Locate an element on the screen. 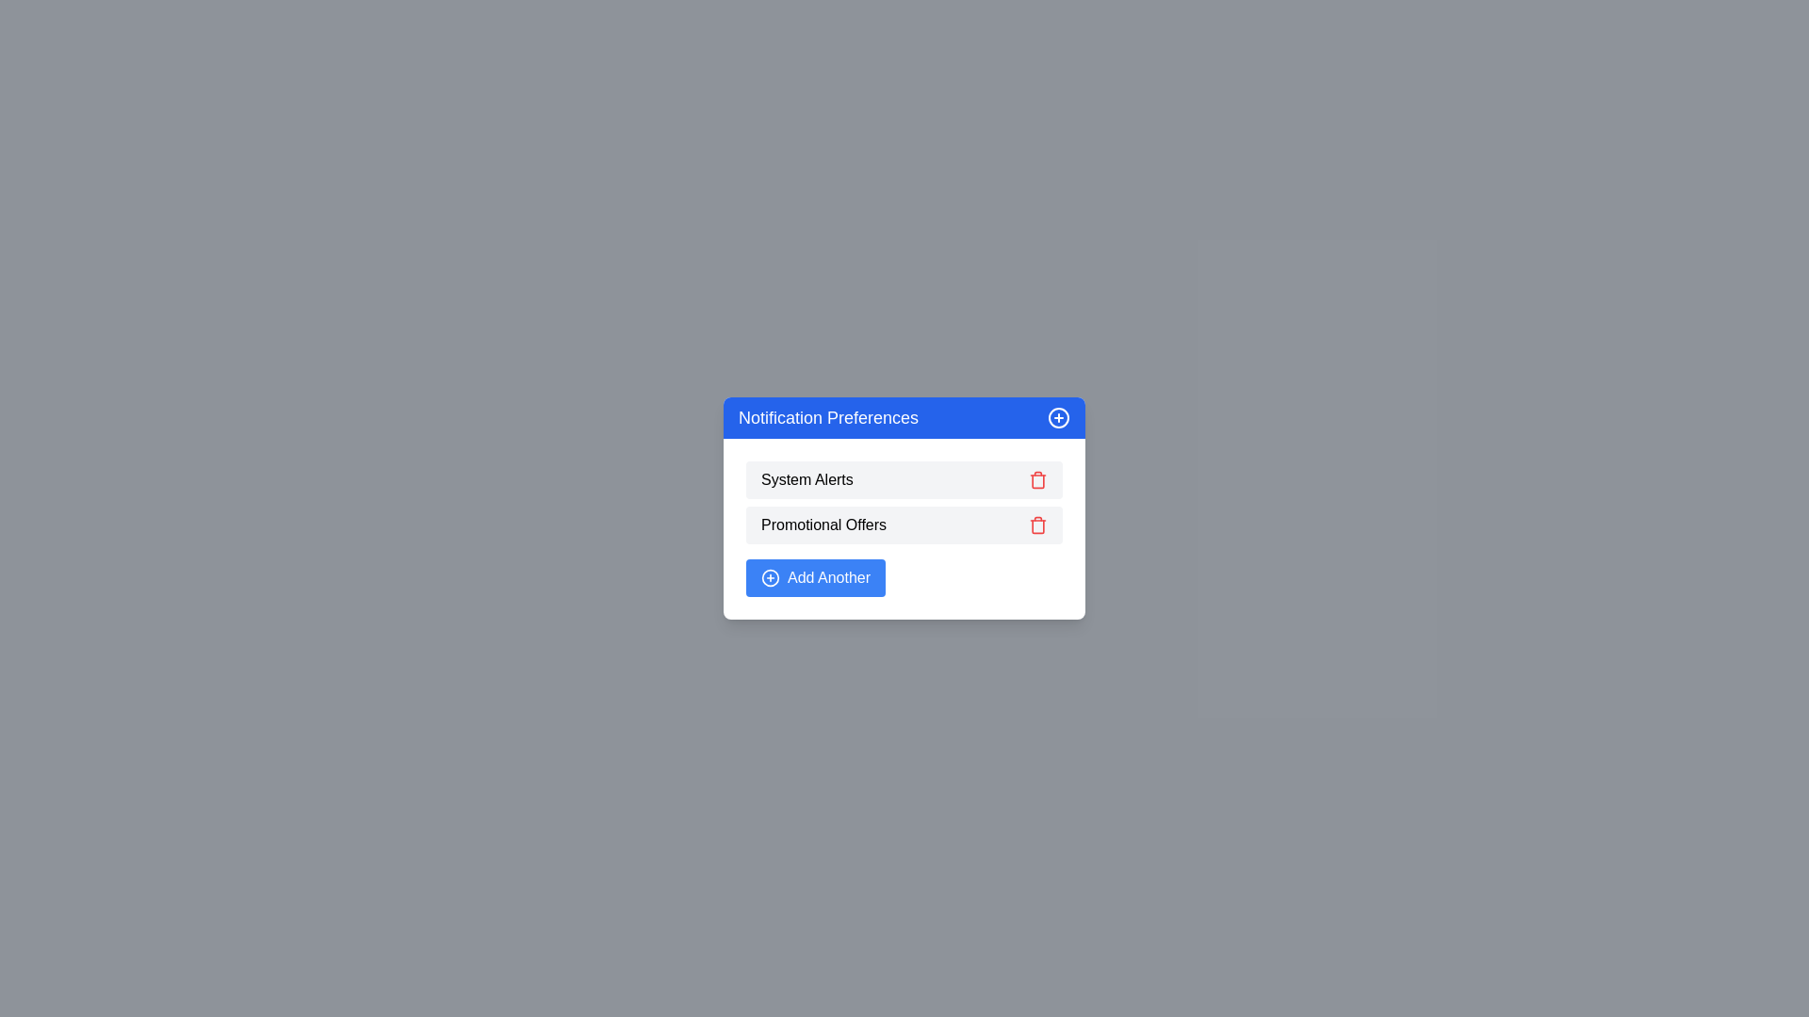 This screenshot has width=1809, height=1017. the 'Promotional Offers' text label located in the 'Notification Preferences' section, which is the second list item, displayed in medium-weight black font on a light gray background is located at coordinates (823, 525).